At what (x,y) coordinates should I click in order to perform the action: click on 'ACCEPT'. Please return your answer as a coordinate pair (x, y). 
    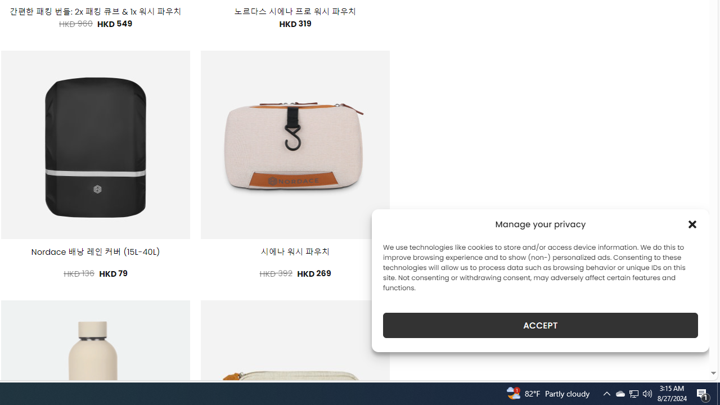
    Looking at the image, I should click on (541, 325).